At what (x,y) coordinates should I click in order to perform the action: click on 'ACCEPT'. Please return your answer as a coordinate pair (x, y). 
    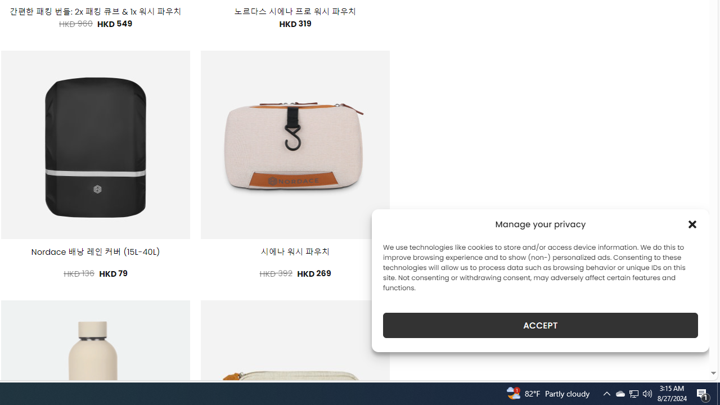
    Looking at the image, I should click on (541, 325).